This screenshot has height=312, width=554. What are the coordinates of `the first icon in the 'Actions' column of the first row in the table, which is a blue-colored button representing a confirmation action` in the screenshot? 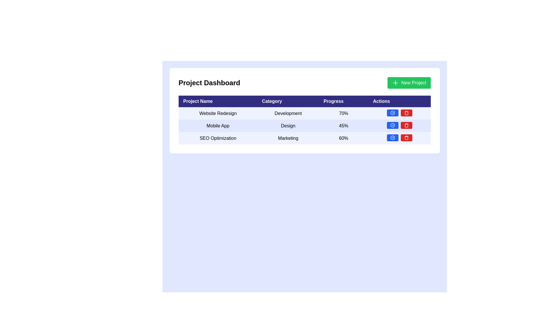 It's located at (392, 113).